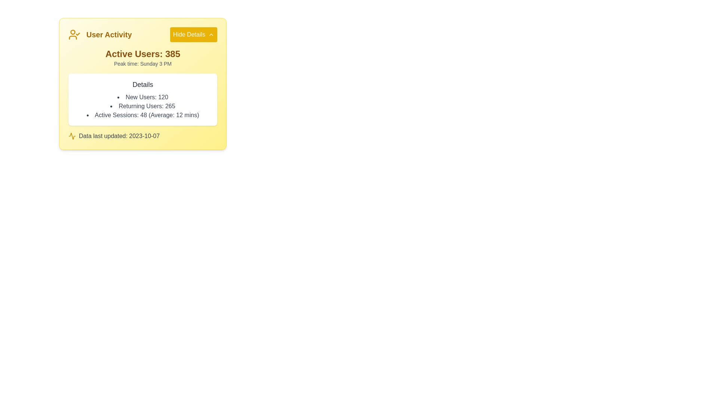 Image resolution: width=718 pixels, height=403 pixels. What do you see at coordinates (143, 115) in the screenshot?
I see `the third text label that informs the user about the total number of active sessions and their average duration to highlight it` at bounding box center [143, 115].